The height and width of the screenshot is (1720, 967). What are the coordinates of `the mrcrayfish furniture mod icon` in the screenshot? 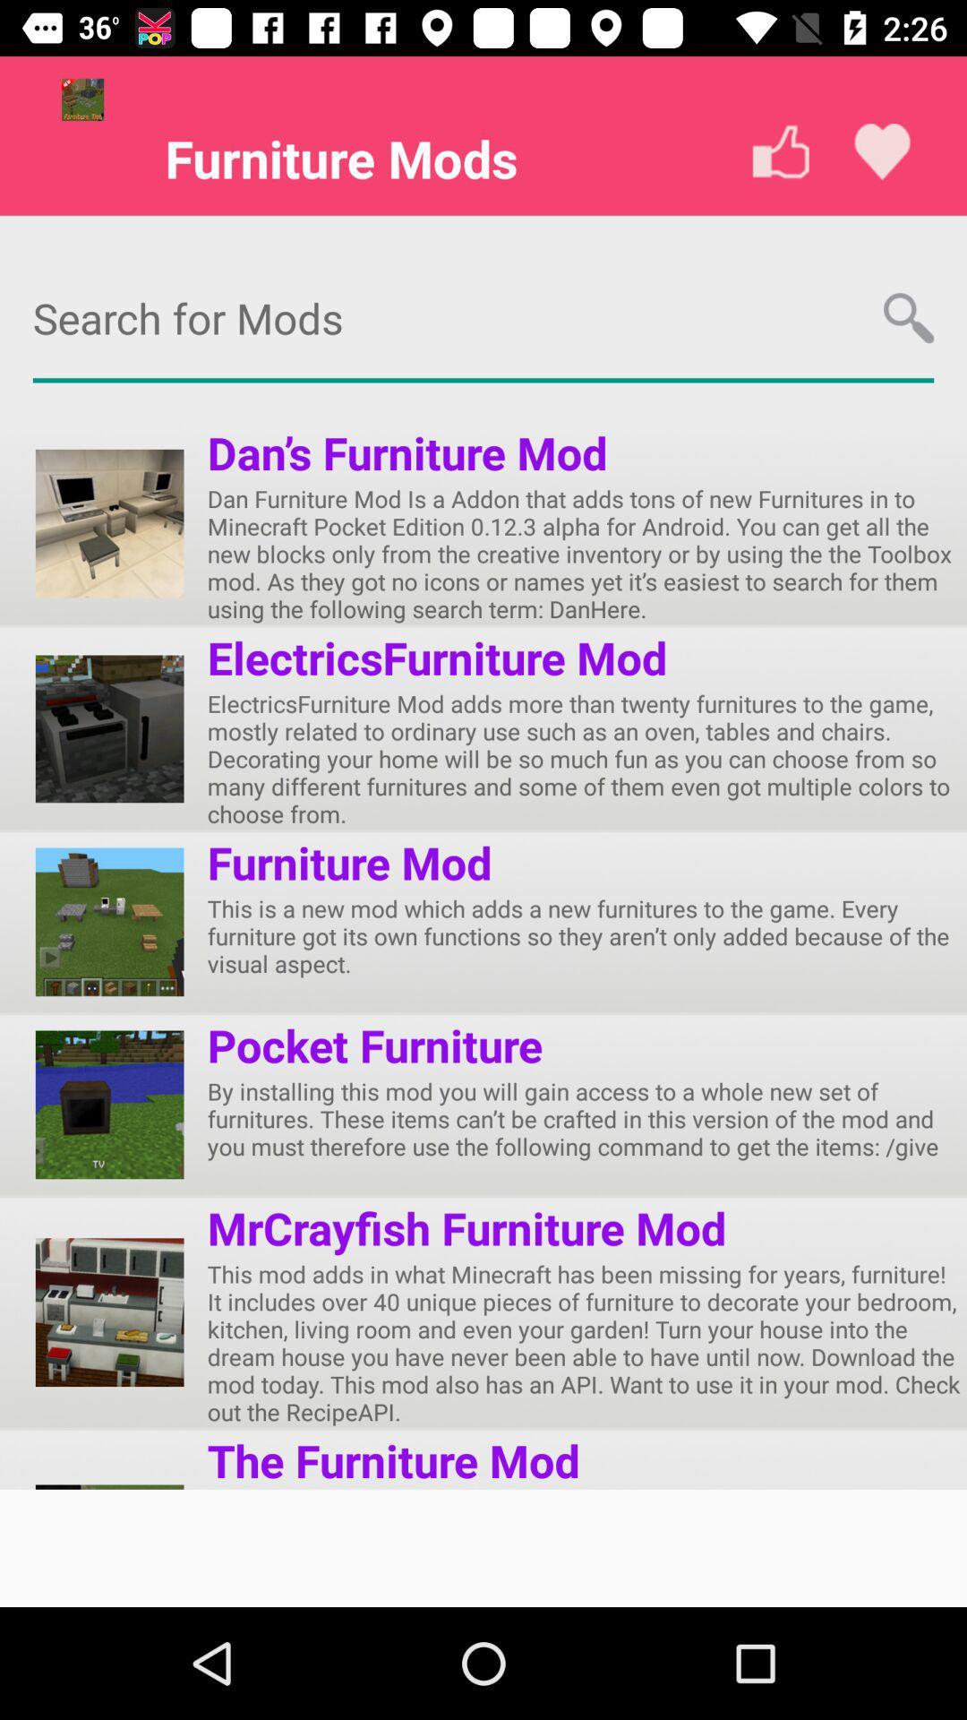 It's located at (466, 1227).